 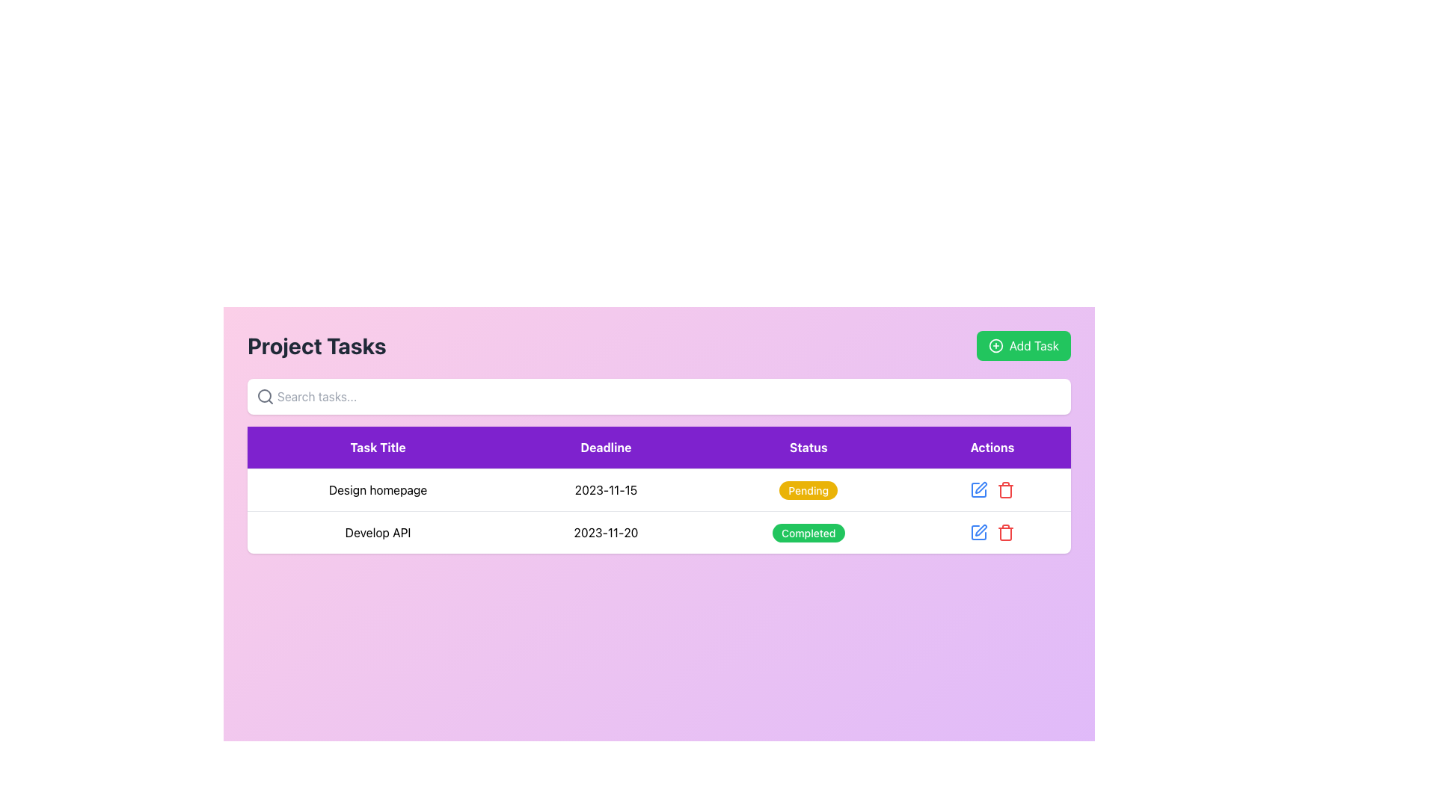 I want to click on the red trash can icon located at the rightmost position in the action area of the 'Actions' column, so click(x=1005, y=489).